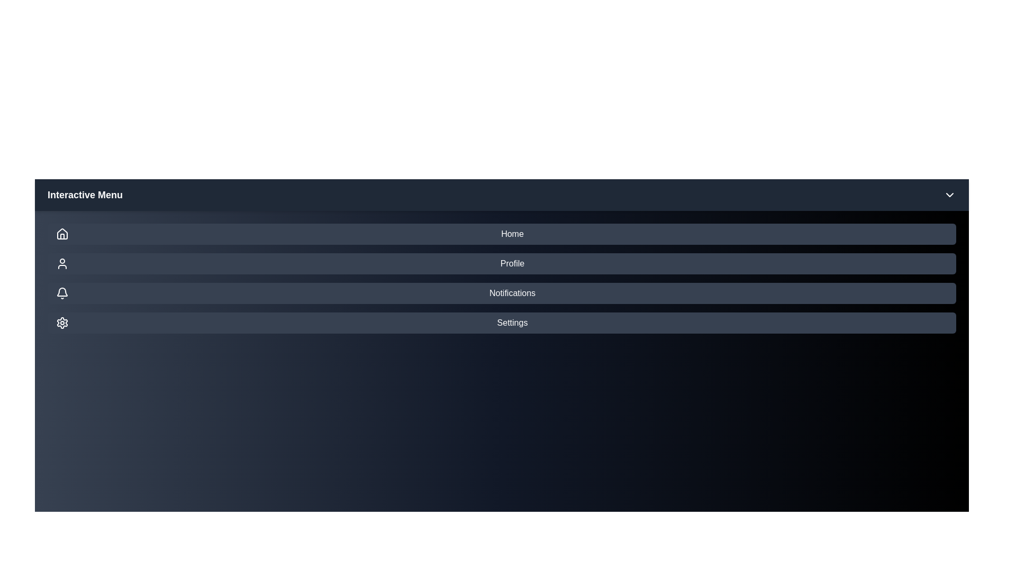 This screenshot has width=1016, height=571. Describe the element at coordinates (501, 263) in the screenshot. I see `the menu item Profile in the InteractiveMenu` at that location.